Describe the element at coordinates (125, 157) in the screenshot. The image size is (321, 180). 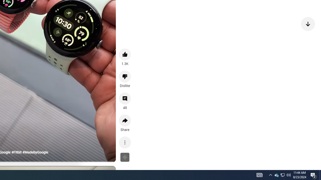
I see `'Feature not available for this video'` at that location.